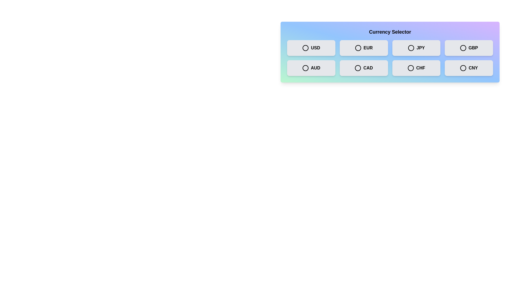  I want to click on the currency CAD by clicking on its respective button, so click(364, 68).